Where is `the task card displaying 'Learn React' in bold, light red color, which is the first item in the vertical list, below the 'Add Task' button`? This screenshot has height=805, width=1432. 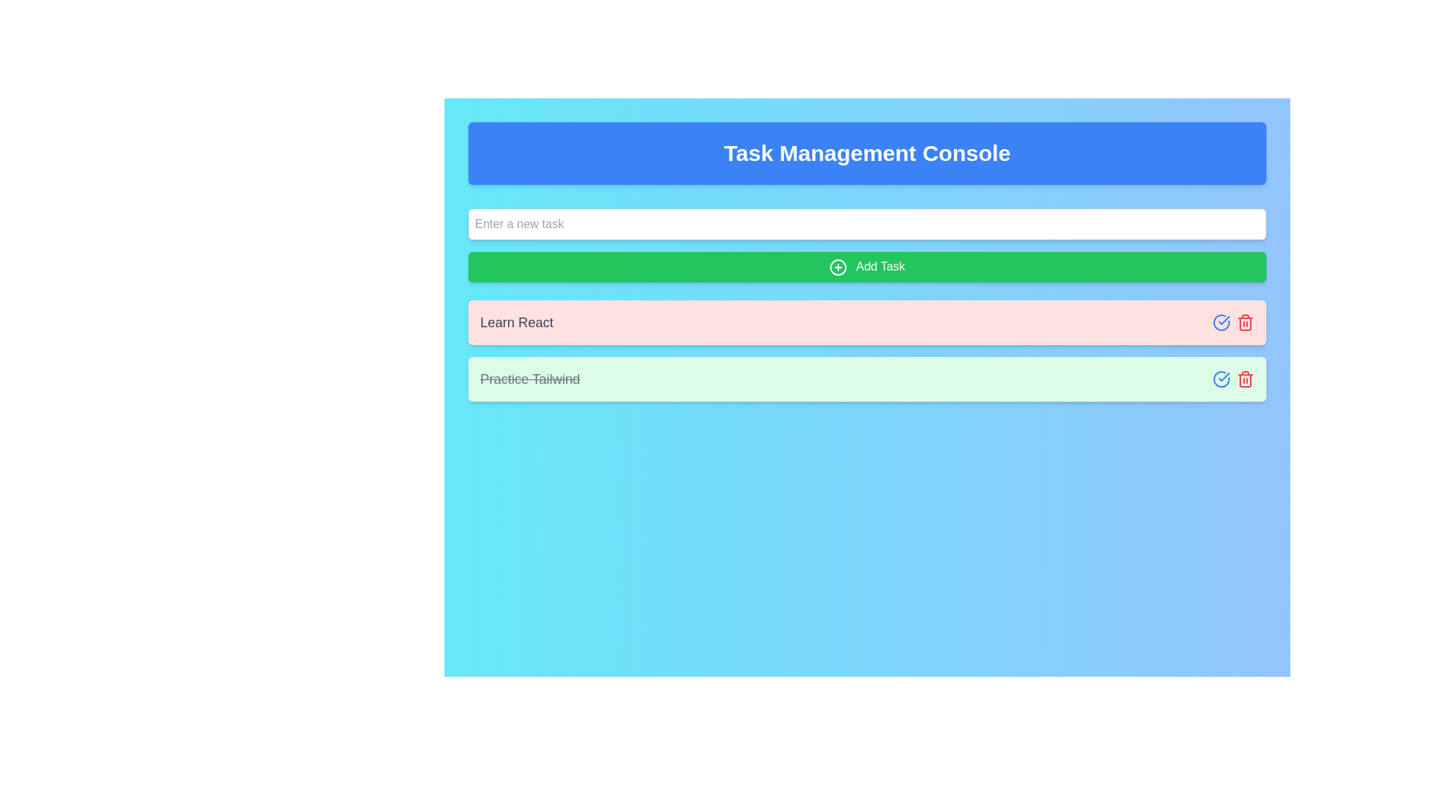
the task card displaying 'Learn React' in bold, light red color, which is the first item in the vertical list, below the 'Add Task' button is located at coordinates (867, 321).